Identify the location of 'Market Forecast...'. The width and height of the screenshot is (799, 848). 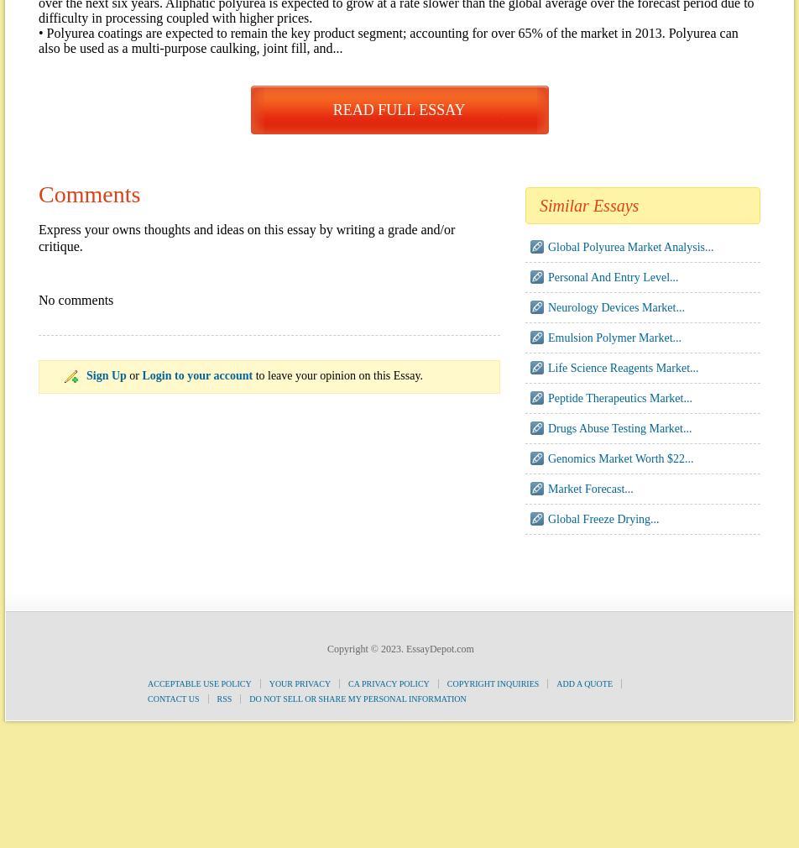
(590, 488).